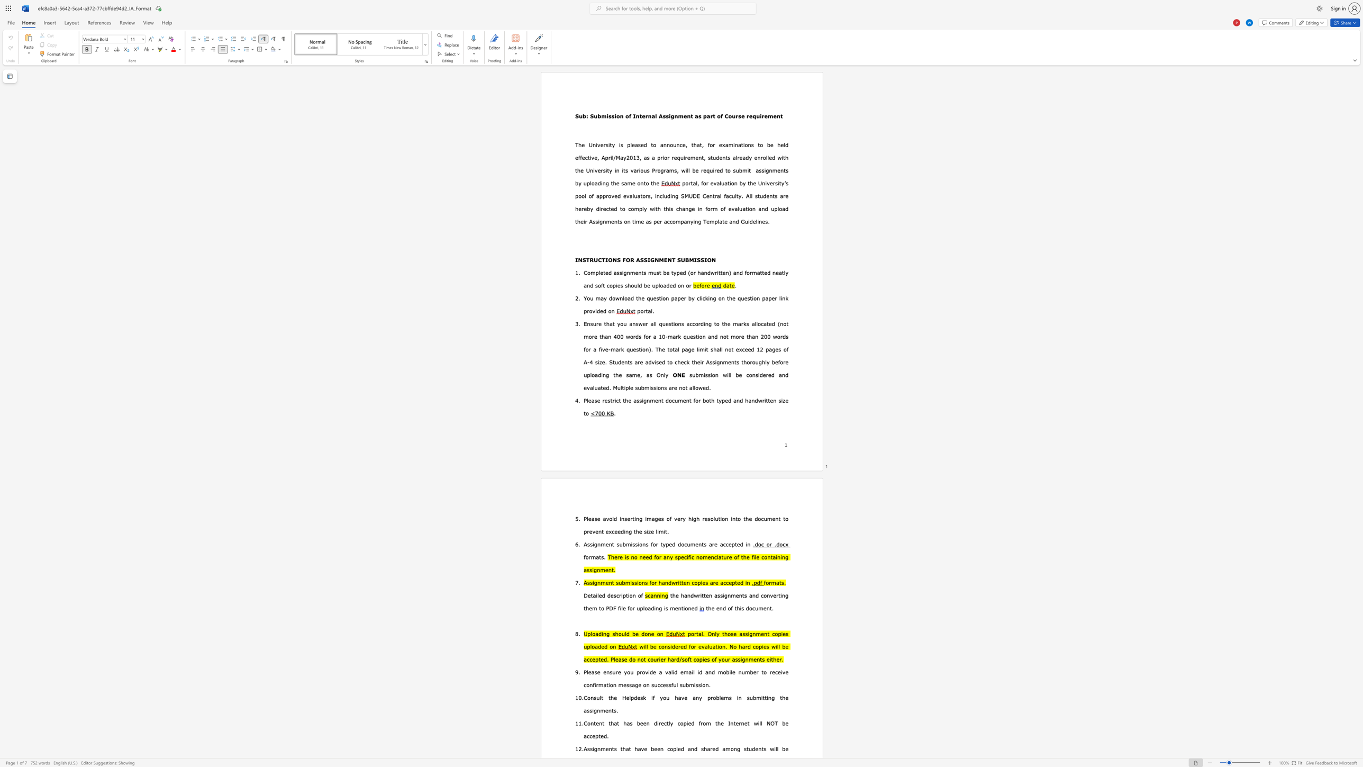  Describe the element at coordinates (597, 544) in the screenshot. I see `the subset text "nmen" within the text "Assignment submissions"` at that location.